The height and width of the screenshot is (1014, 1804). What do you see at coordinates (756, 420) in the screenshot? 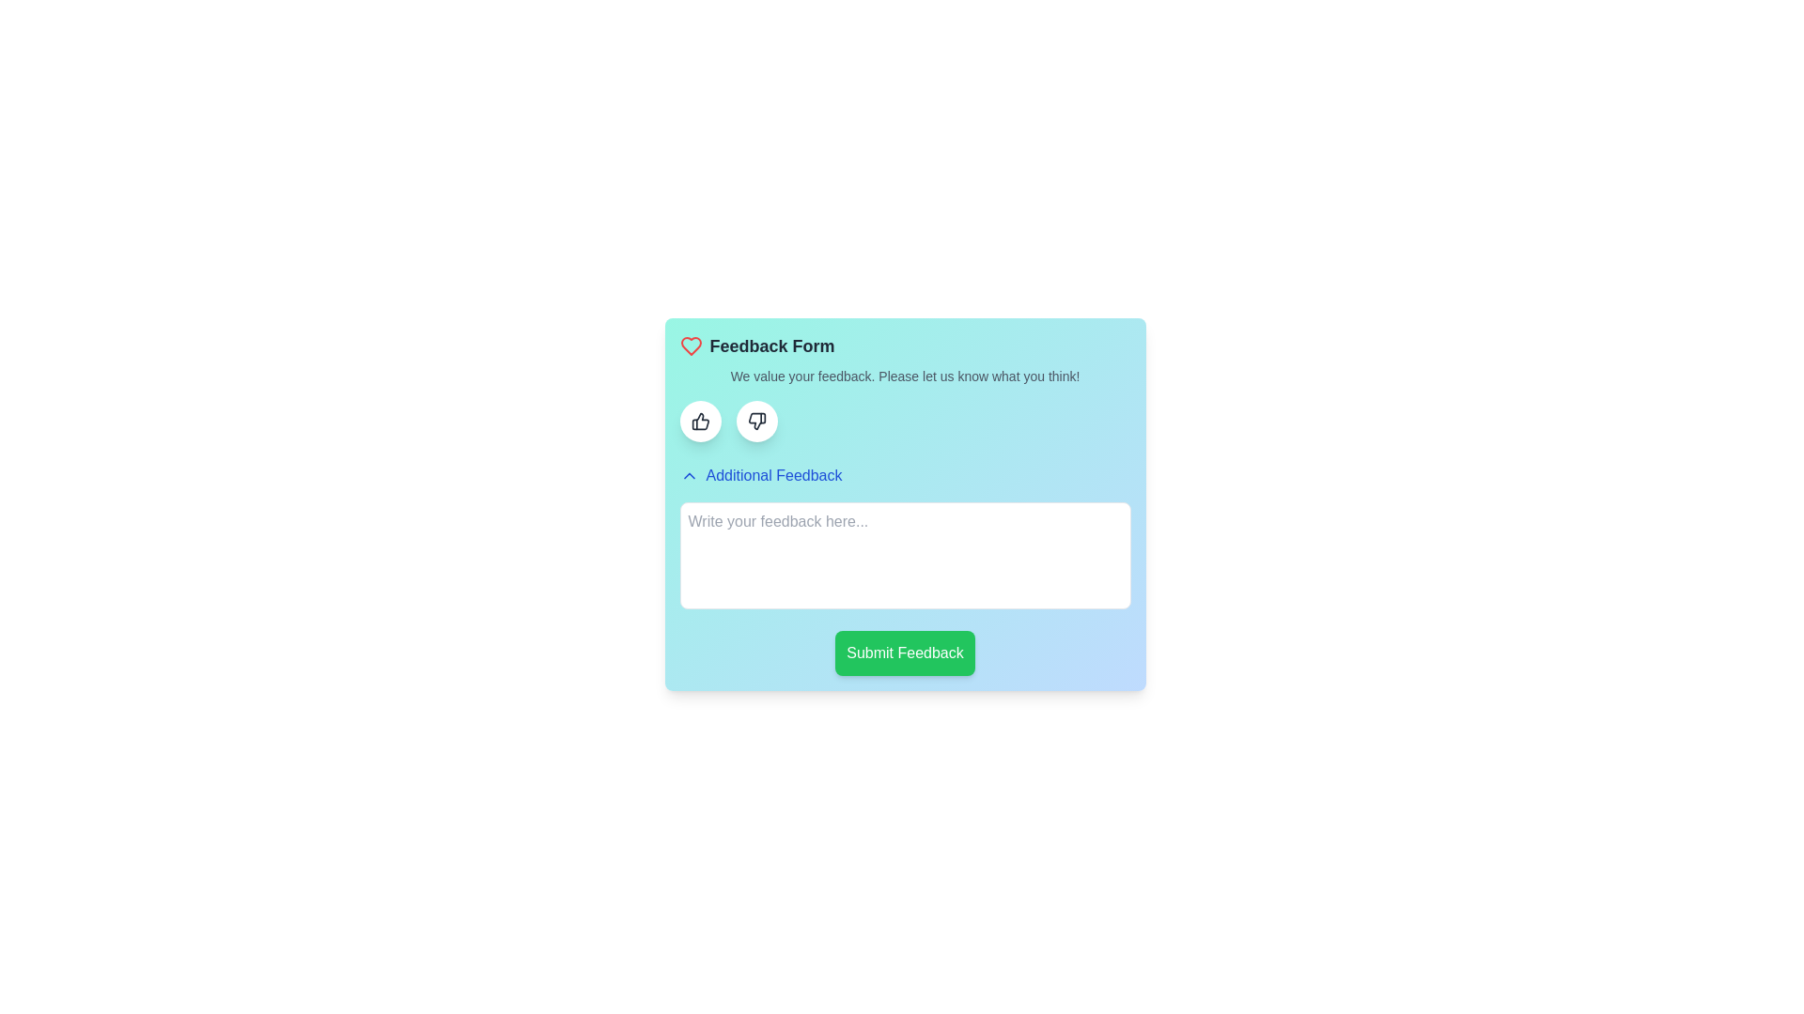
I see `the 'dislike' icon located to the right of the thumbs-up icon in the 'Feedback Form' section` at bounding box center [756, 420].